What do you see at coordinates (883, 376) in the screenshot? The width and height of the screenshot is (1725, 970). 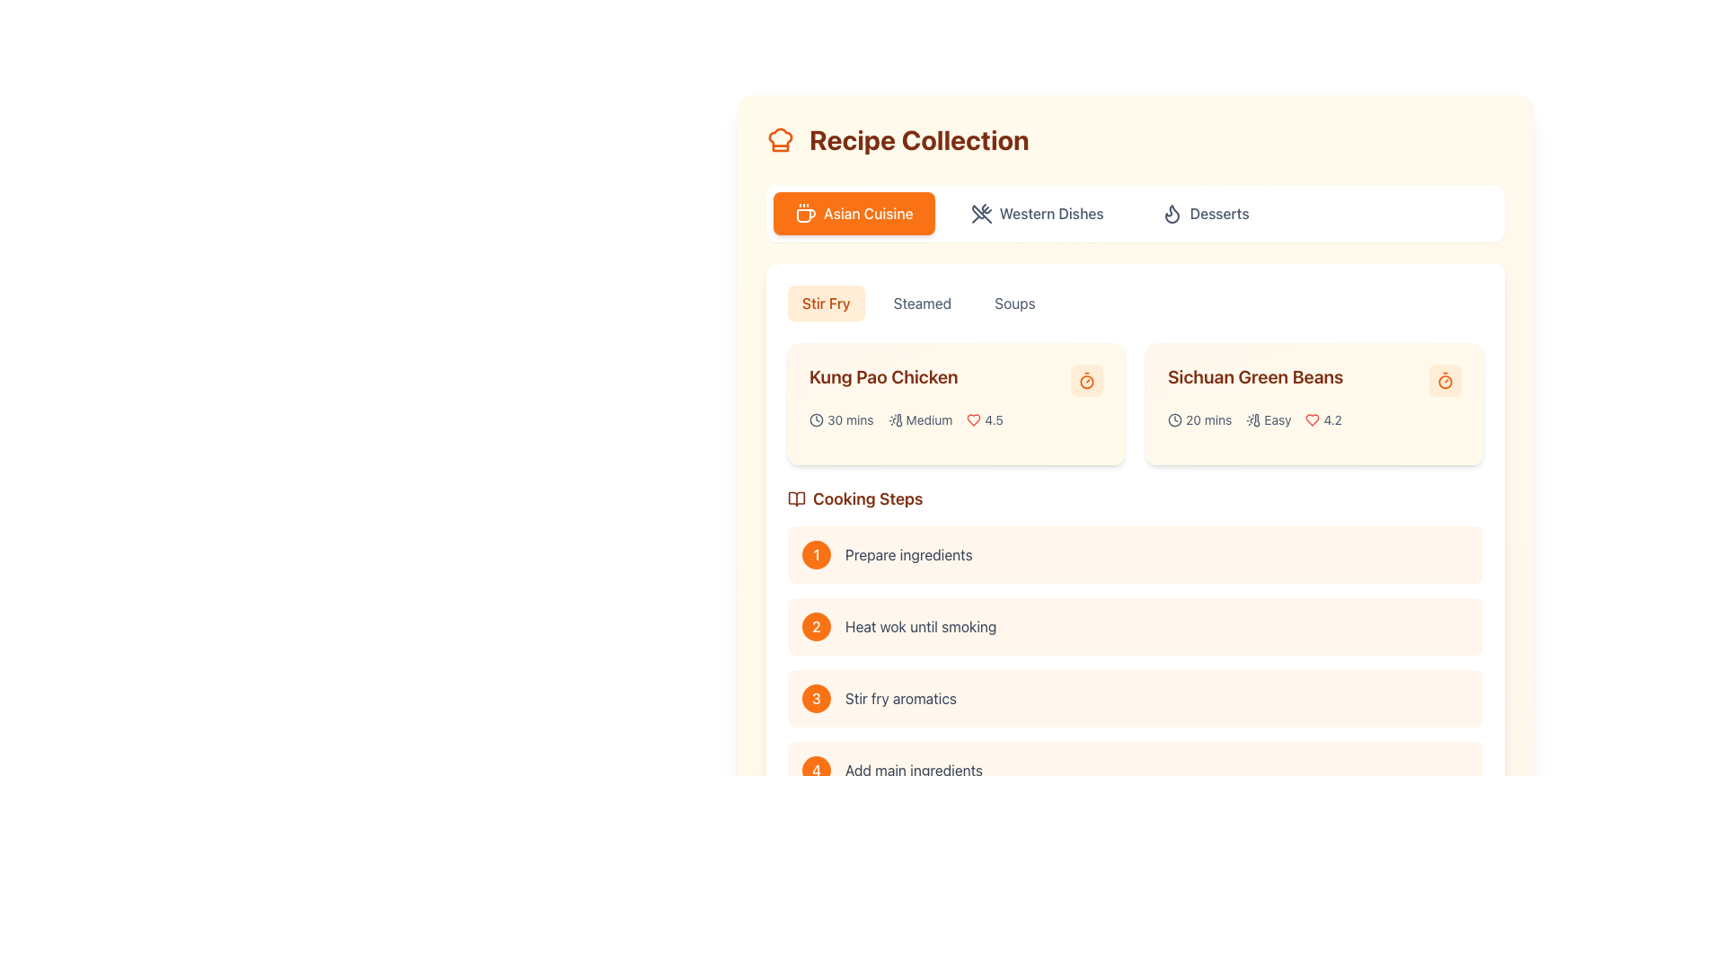 I see `the text label for 'Kung Pao Chicken' which identifies the recipe and is located in the upper-left section of the card, preceding the timer icon` at bounding box center [883, 376].